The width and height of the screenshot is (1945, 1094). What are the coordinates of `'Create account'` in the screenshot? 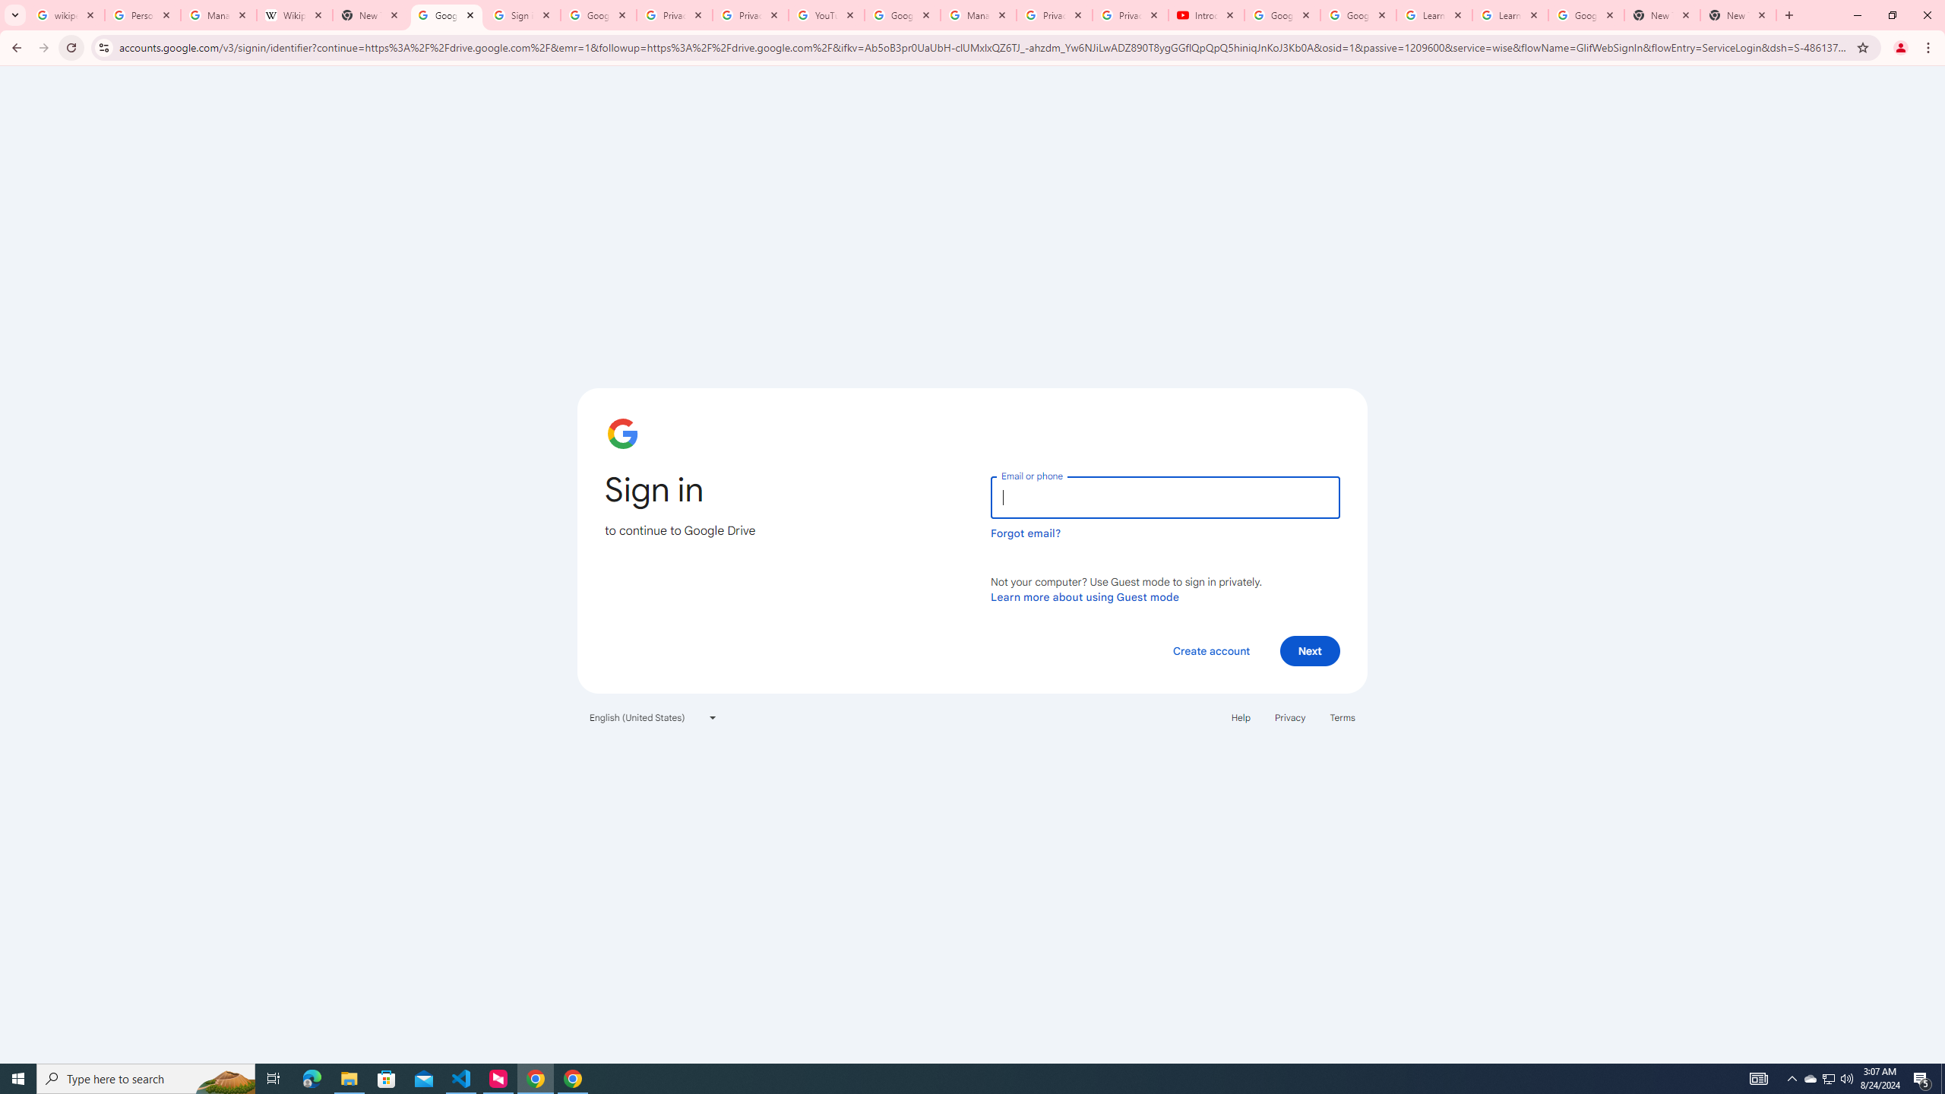 It's located at (1210, 650).